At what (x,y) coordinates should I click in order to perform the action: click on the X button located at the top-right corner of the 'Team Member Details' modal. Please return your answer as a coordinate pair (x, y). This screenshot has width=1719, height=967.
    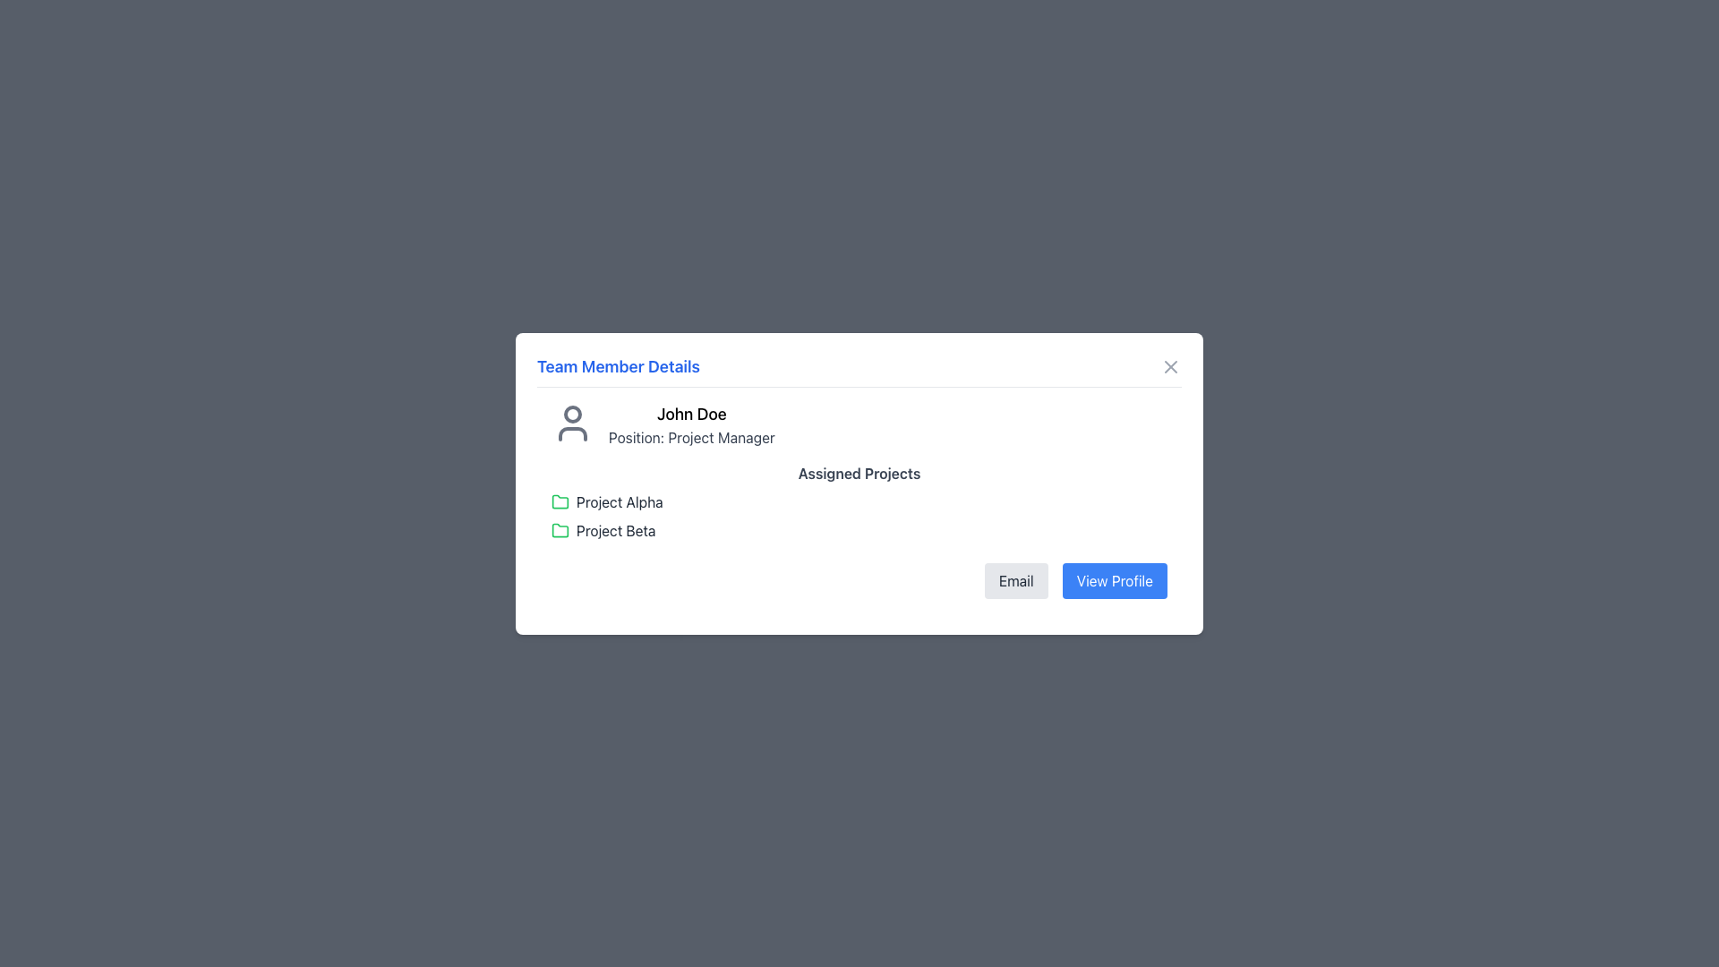
    Looking at the image, I should click on (1171, 365).